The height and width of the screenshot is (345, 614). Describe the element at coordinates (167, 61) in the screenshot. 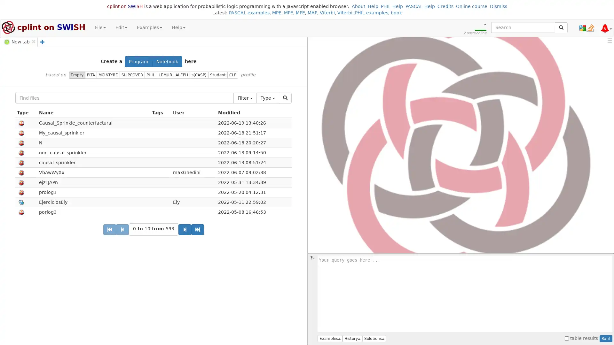

I see `Notebook` at that location.